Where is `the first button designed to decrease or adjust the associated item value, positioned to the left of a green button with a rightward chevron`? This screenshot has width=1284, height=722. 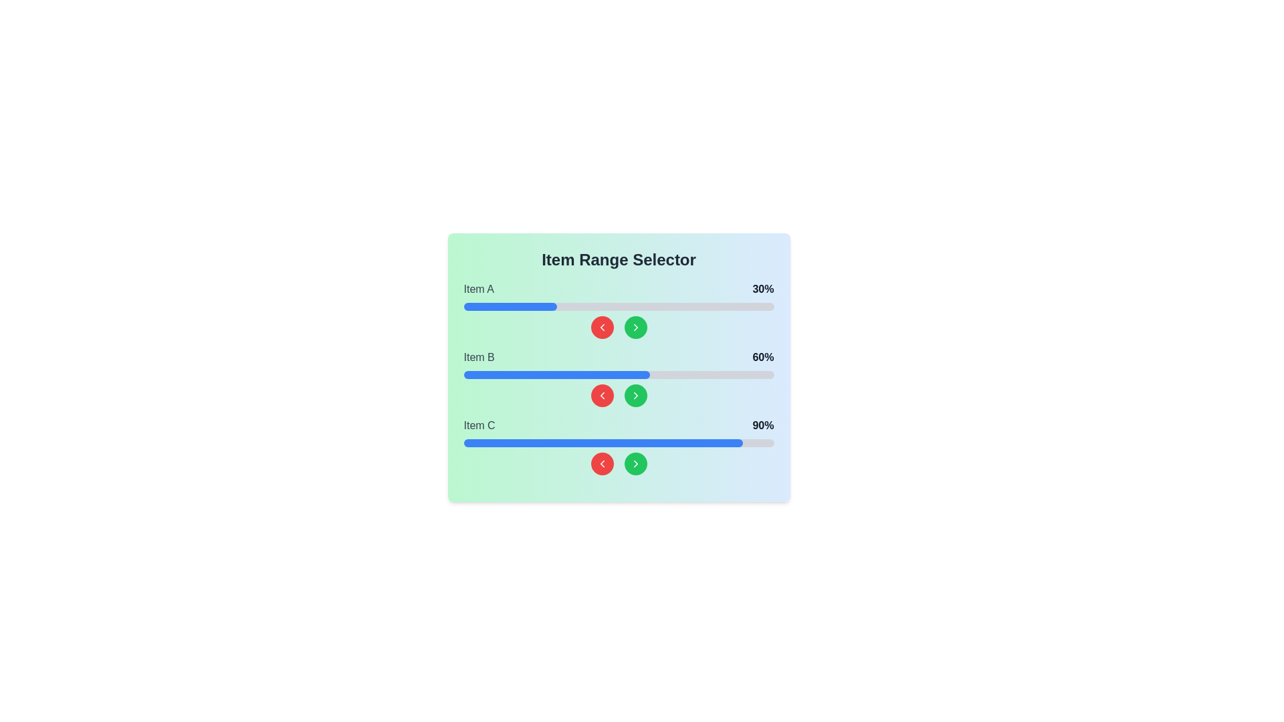
the first button designed to decrease or adjust the associated item value, positioned to the left of a green button with a rightward chevron is located at coordinates (601, 327).